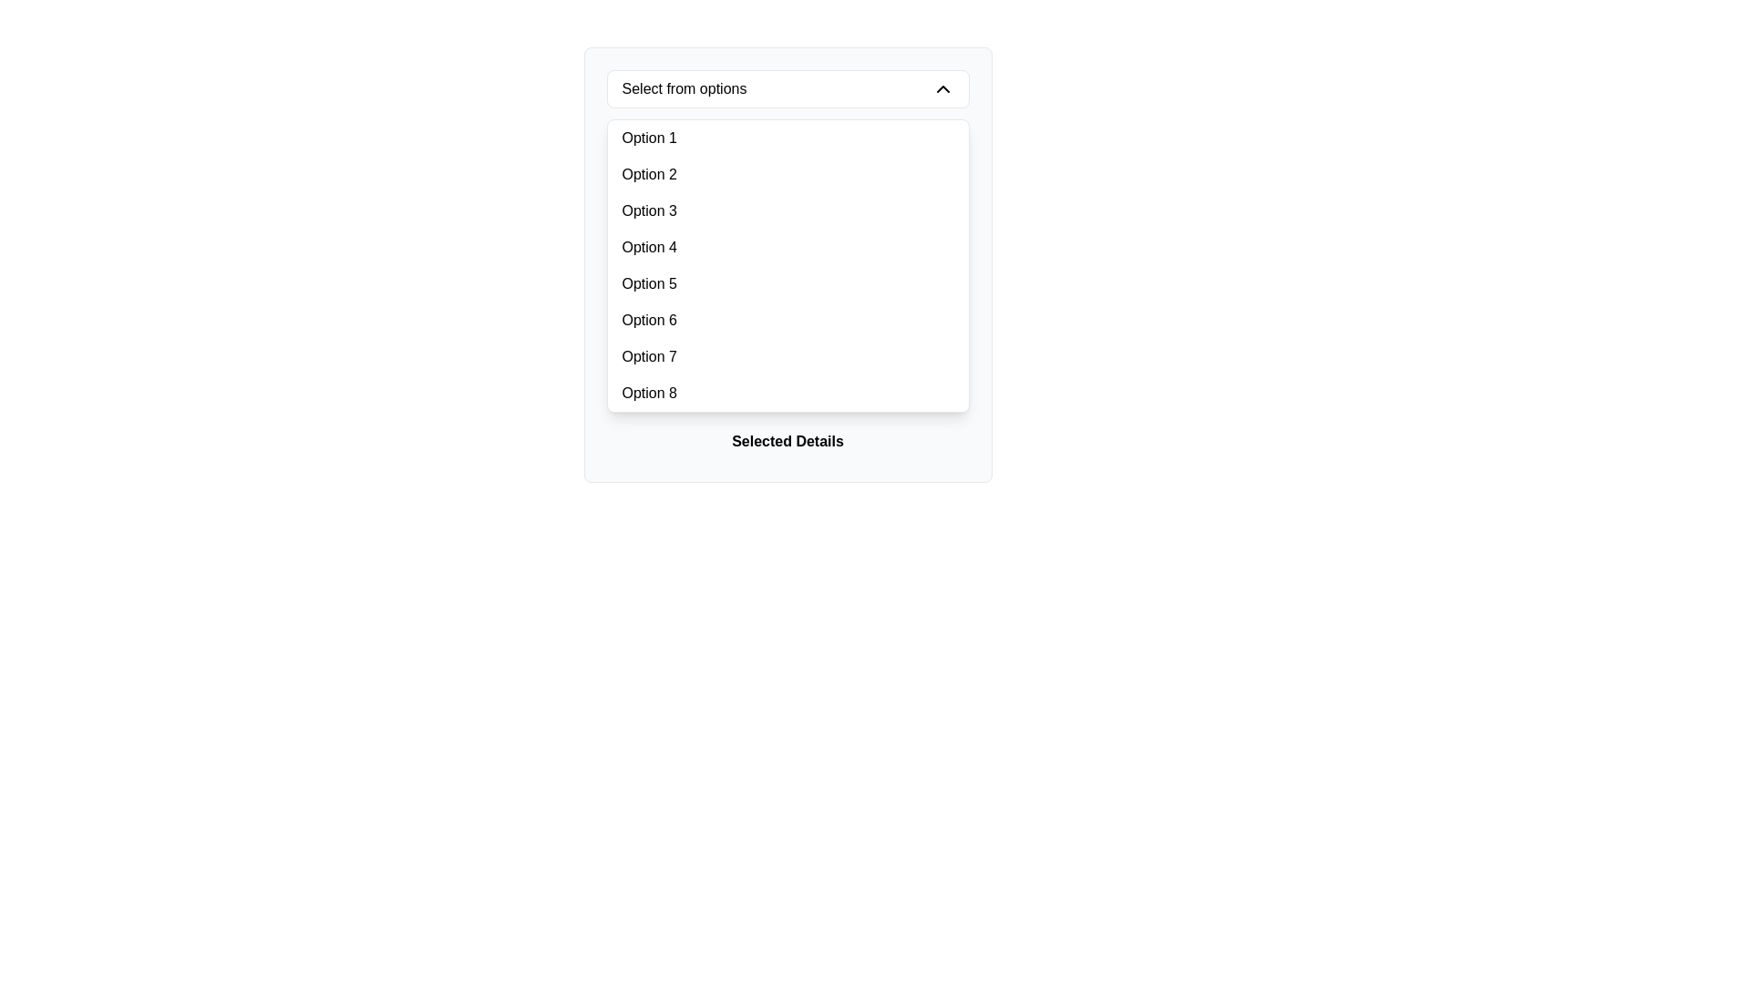 This screenshot has height=984, width=1750. I want to click on the upward-pointing chevron icon button located at the far-right edge of the dropdown menu, which is styled in a minimalistic manner with a black outline and rounded edges, for interaction feedback, so click(942, 88).